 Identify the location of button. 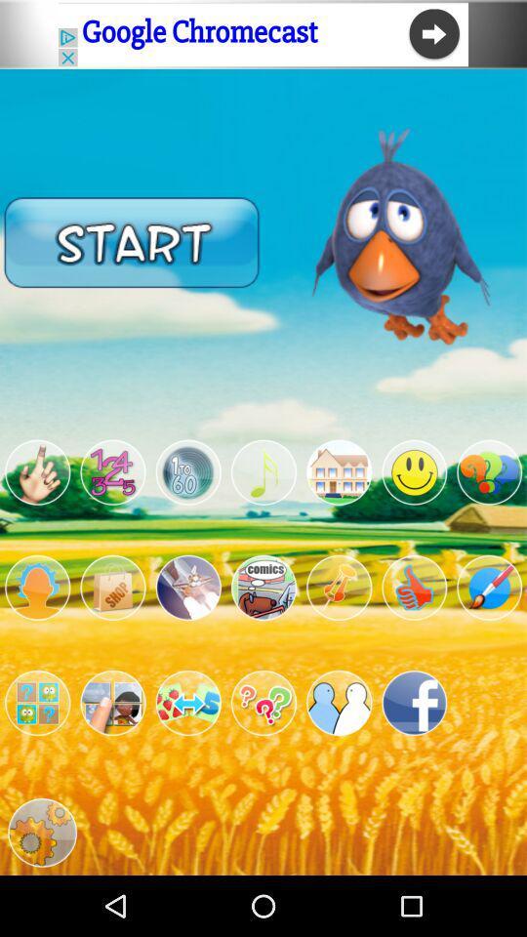
(188, 471).